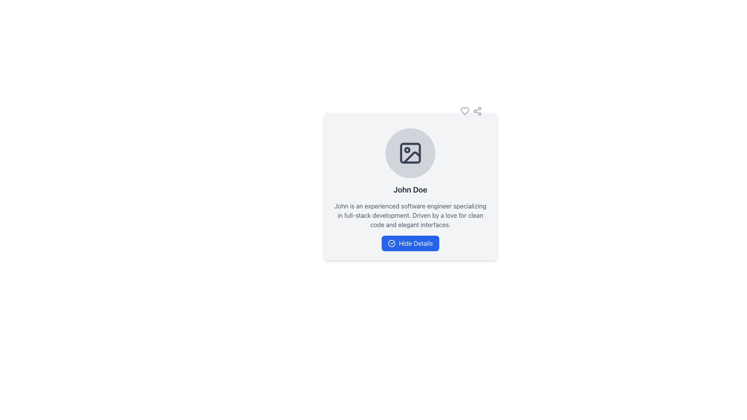 The width and height of the screenshot is (747, 420). Describe the element at coordinates (465, 111) in the screenshot. I see `the heart icon located in the top-right quadrant of the user profile card, which symbolizes favoriting or liking content` at that location.